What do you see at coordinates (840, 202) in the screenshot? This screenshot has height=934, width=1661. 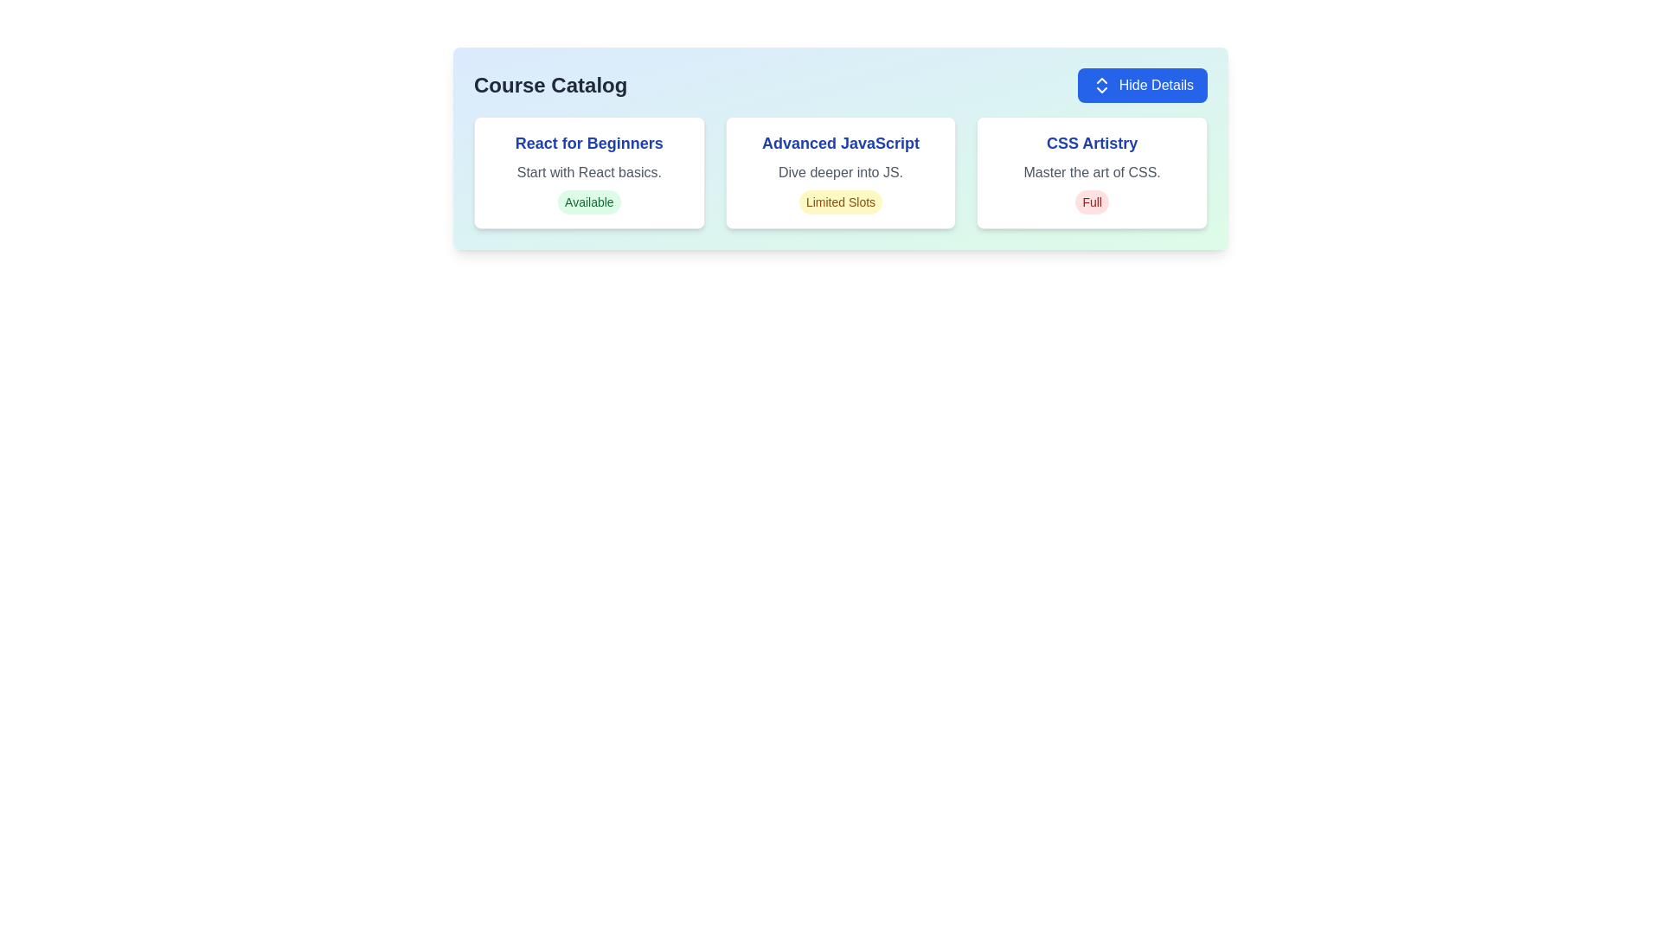 I see `the badge labeled 'Limited Slots' located below the description 'Dive deeper into JS.' in the 'Advanced JavaScript' card` at bounding box center [840, 202].